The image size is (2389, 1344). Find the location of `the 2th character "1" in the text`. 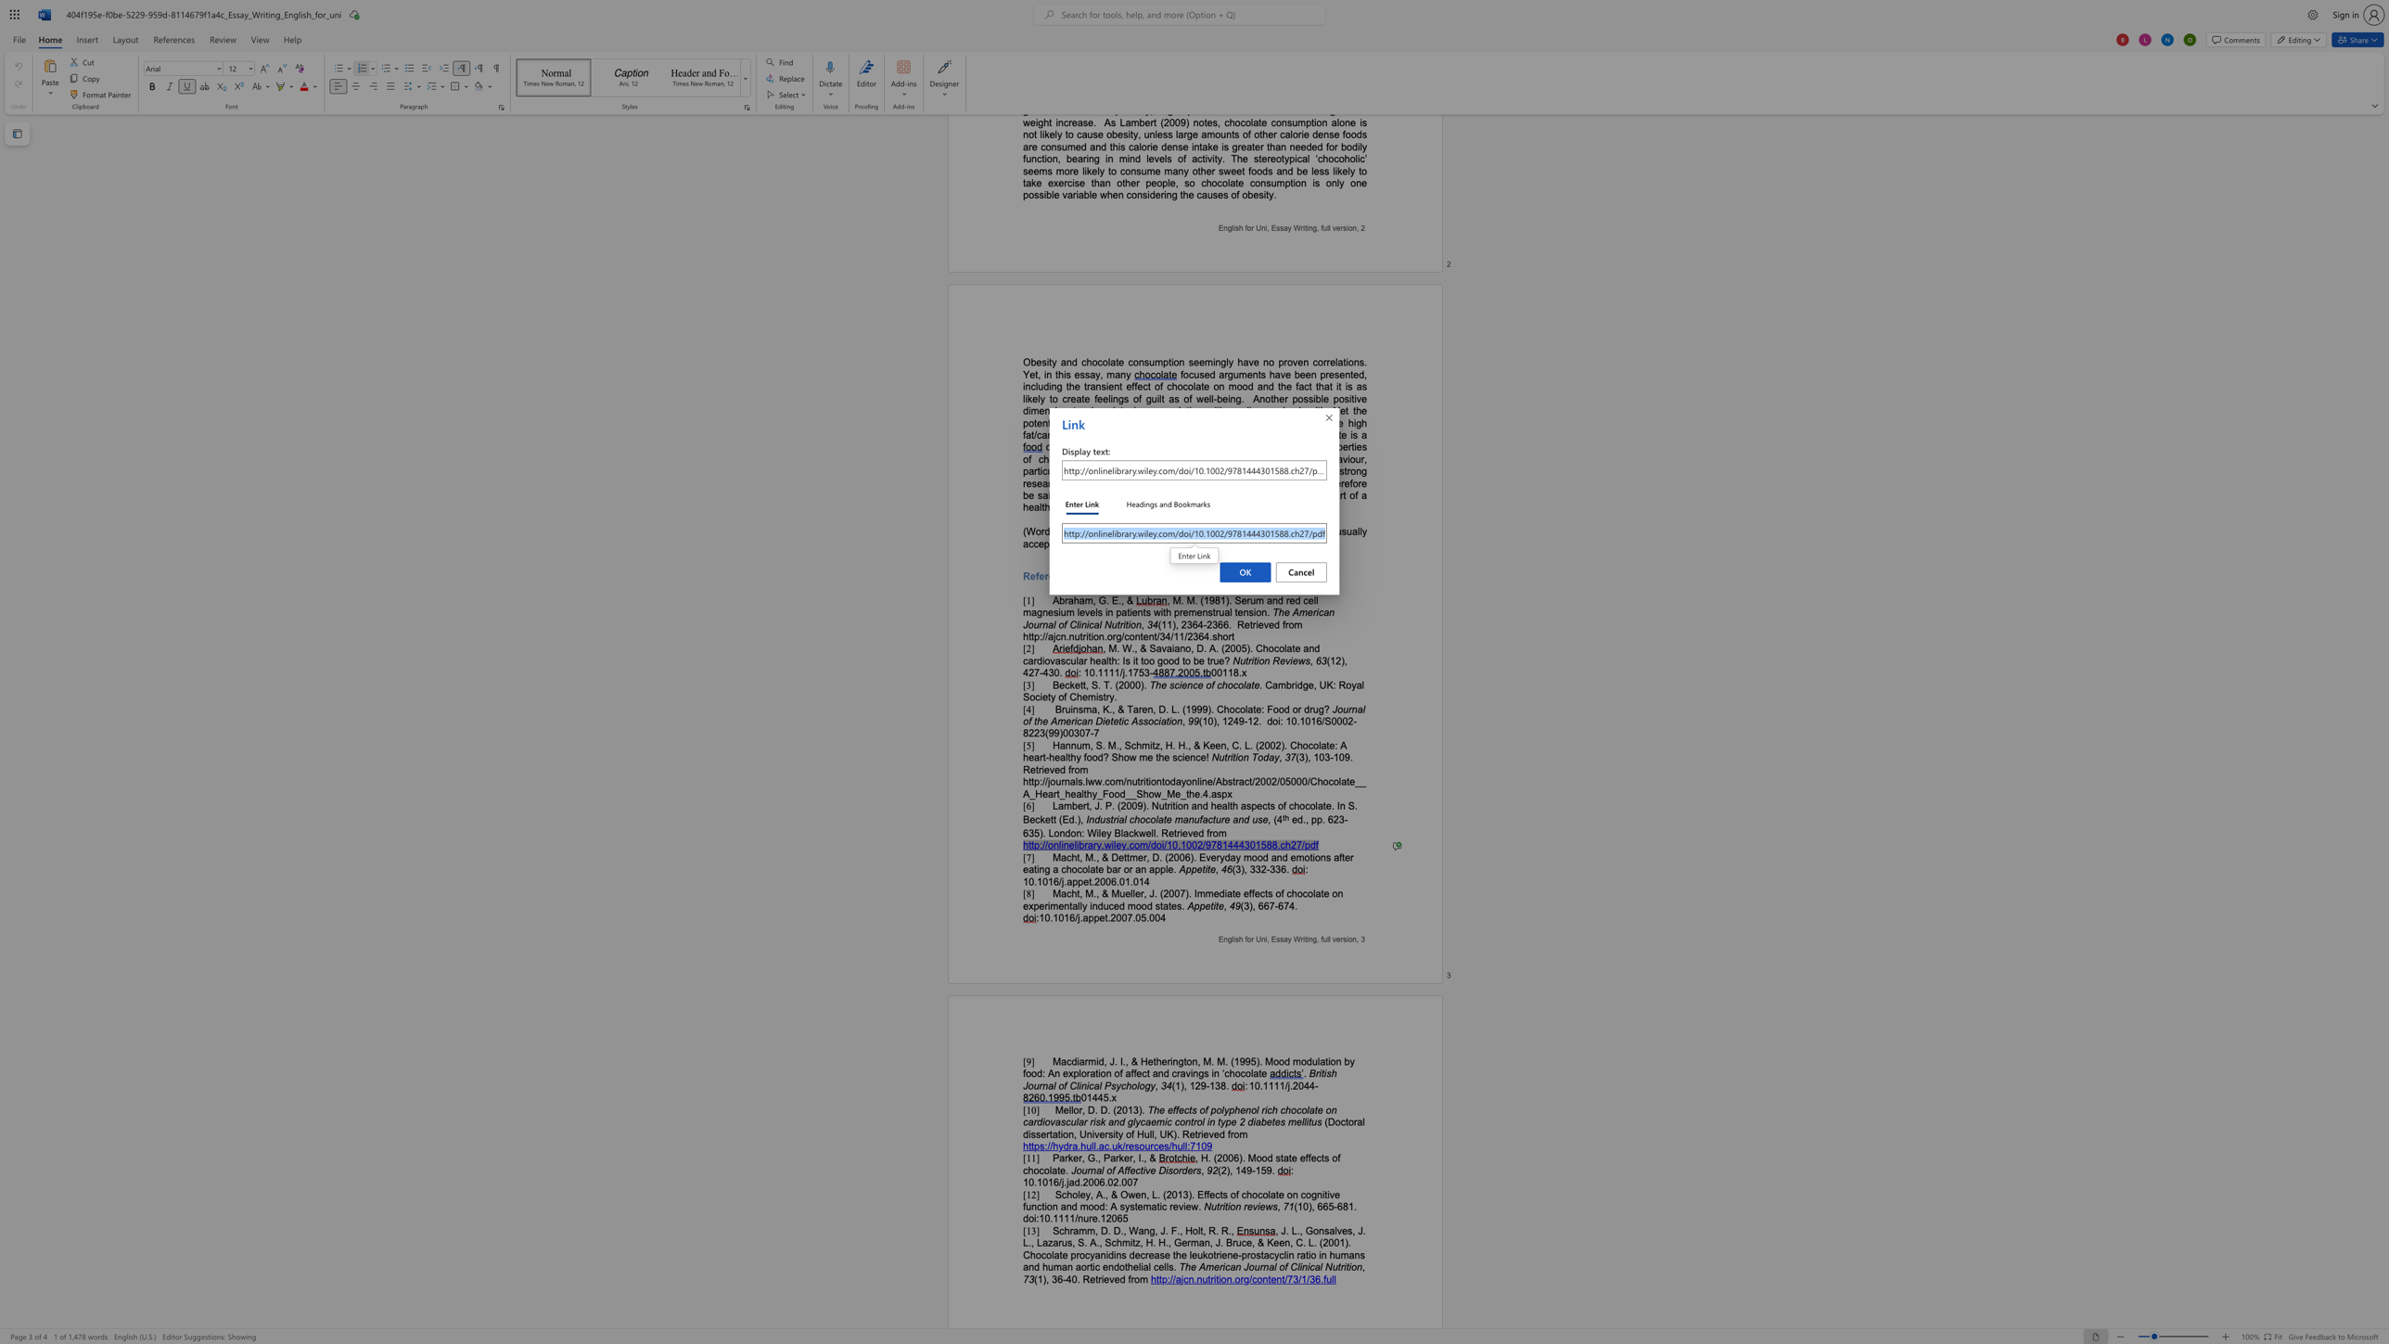

the 2th character "1" in the text is located at coordinates (1191, 1085).